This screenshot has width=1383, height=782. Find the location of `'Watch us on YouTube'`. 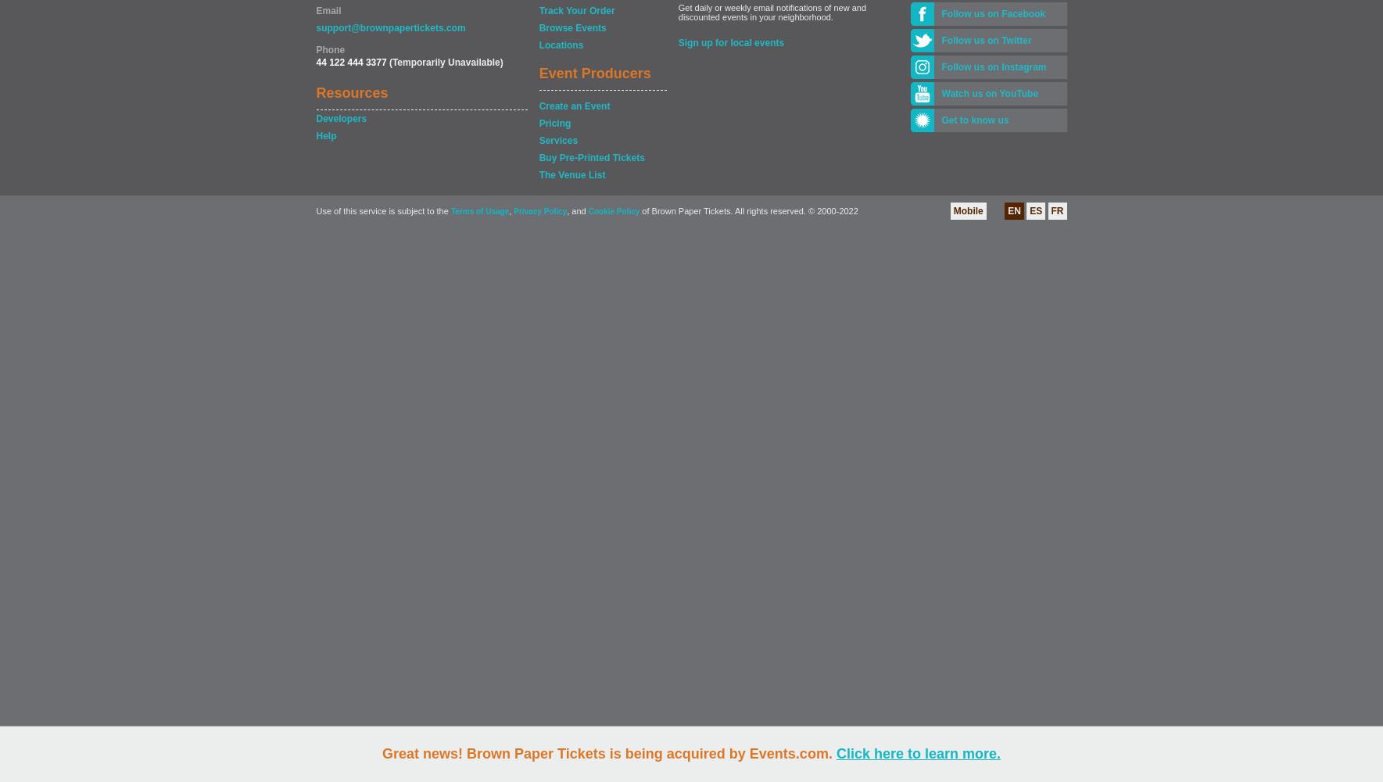

'Watch us on YouTube' is located at coordinates (940, 93).